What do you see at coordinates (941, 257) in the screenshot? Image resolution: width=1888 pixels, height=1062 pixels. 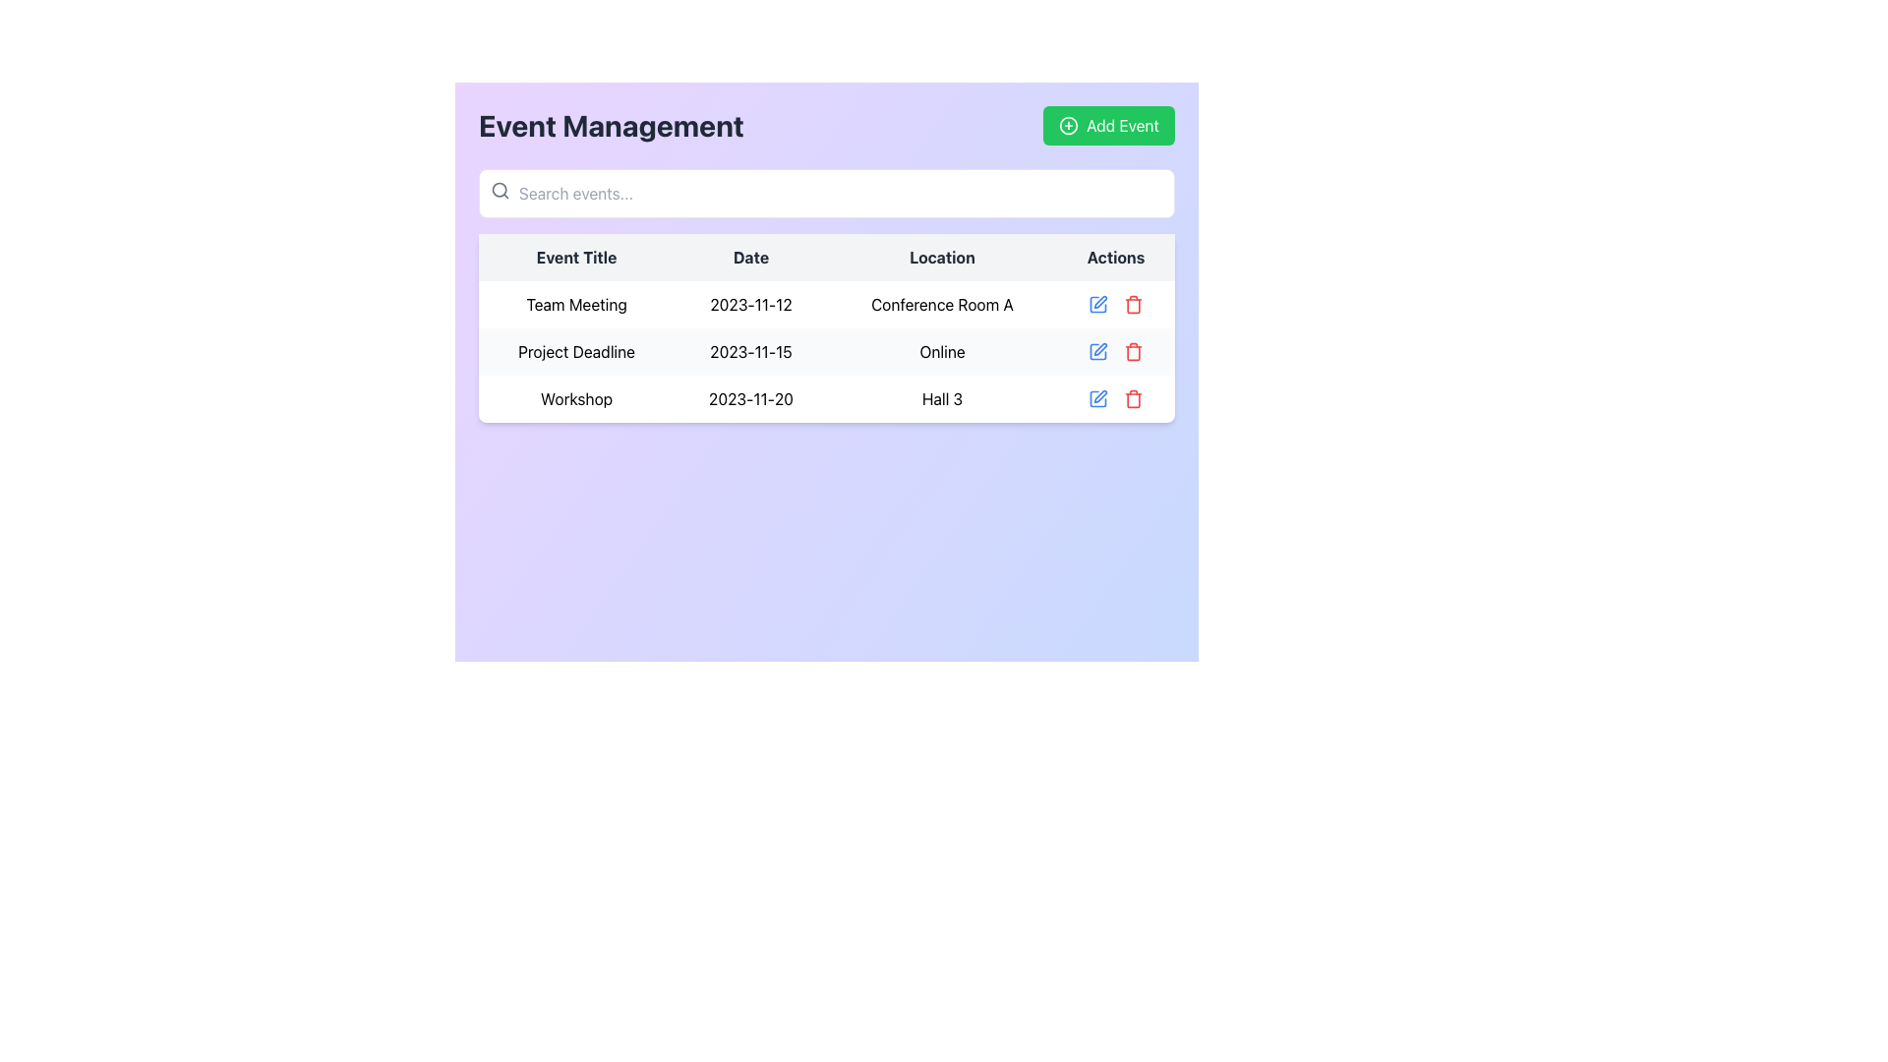 I see `the 'Location' text cell located in the header row of a table` at bounding box center [941, 257].